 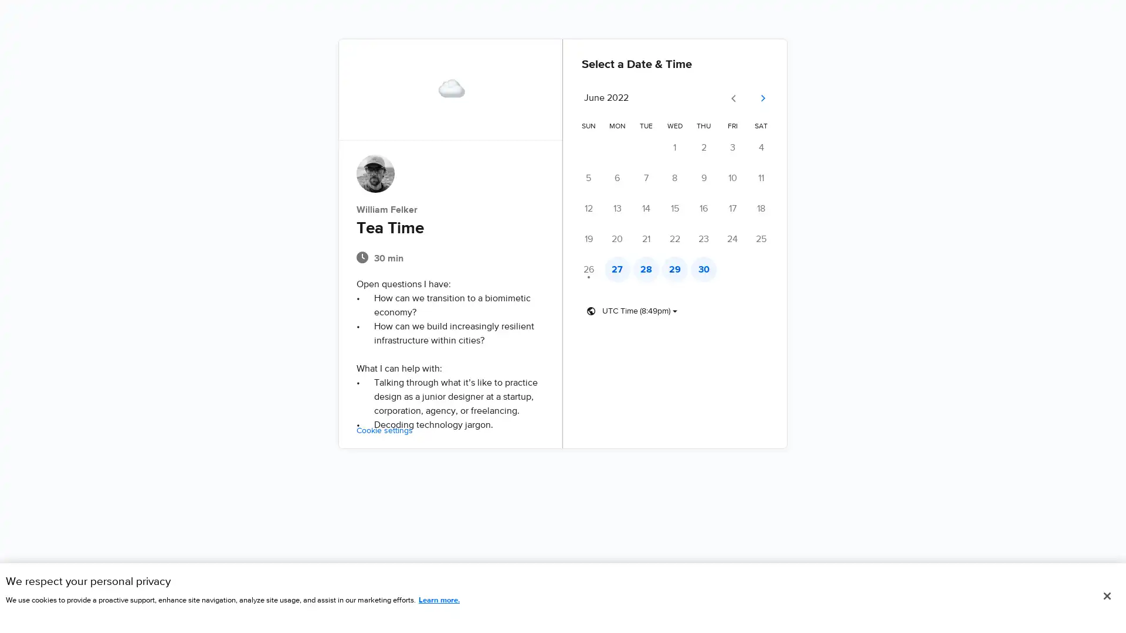 What do you see at coordinates (619, 207) in the screenshot?
I see `Monday, June 13 - No times available` at bounding box center [619, 207].